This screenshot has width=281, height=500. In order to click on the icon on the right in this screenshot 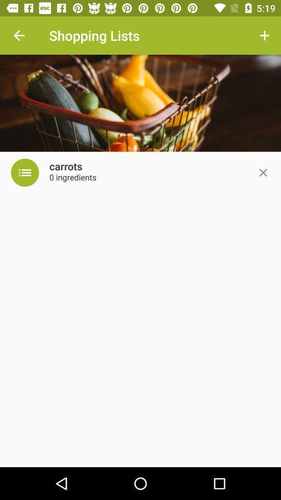, I will do `click(262, 172)`.